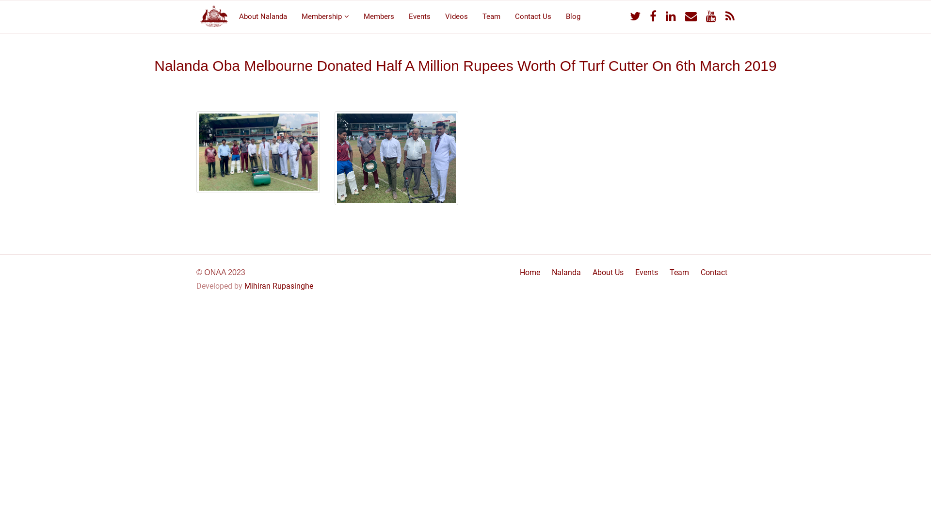  Describe the element at coordinates (646, 272) in the screenshot. I see `'Events'` at that location.